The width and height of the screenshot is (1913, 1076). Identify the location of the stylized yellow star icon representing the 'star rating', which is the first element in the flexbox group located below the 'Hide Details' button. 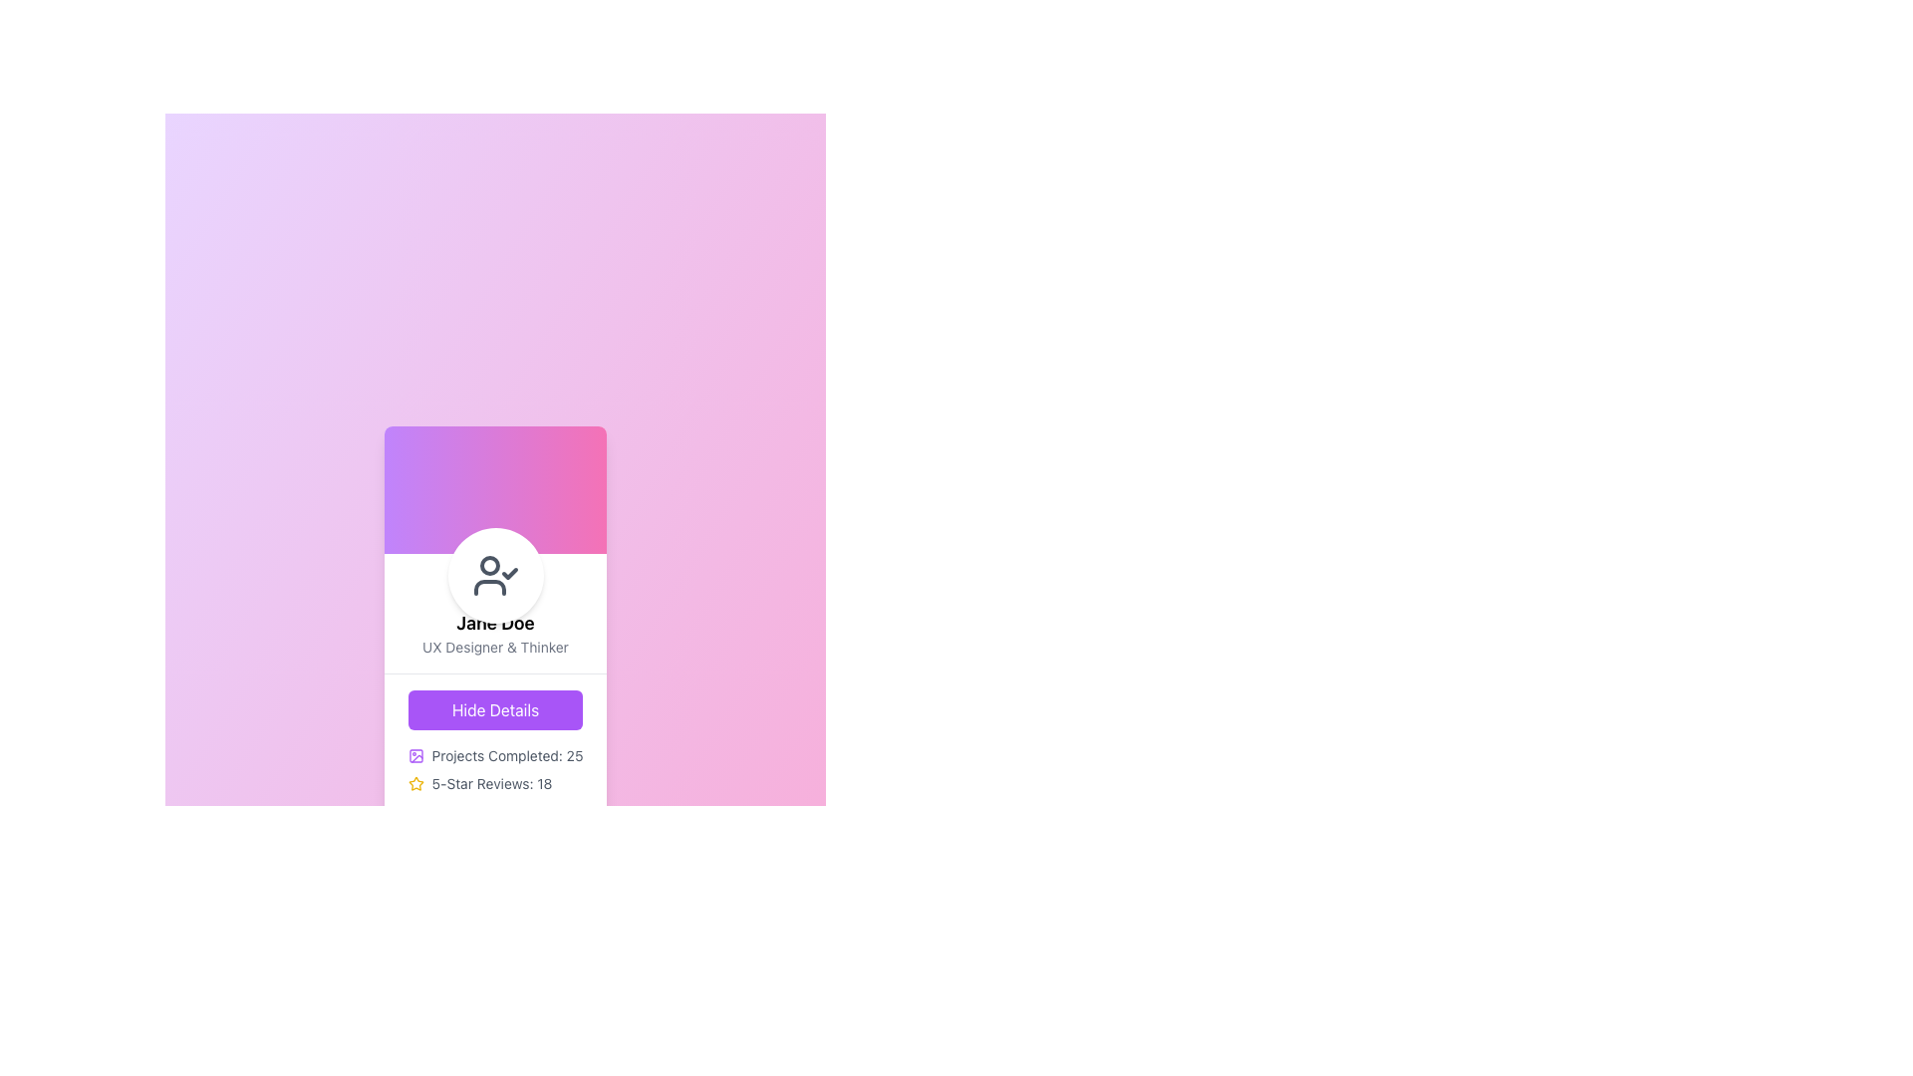
(414, 782).